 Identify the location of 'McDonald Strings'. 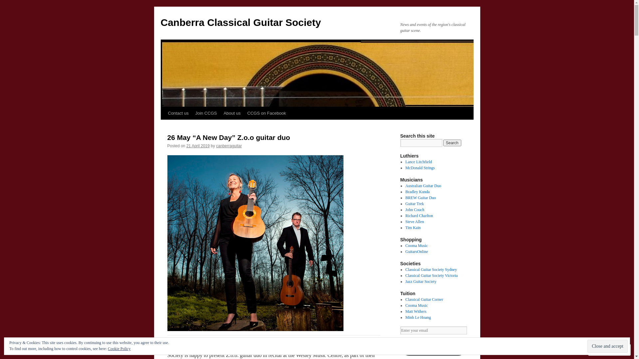
(420, 168).